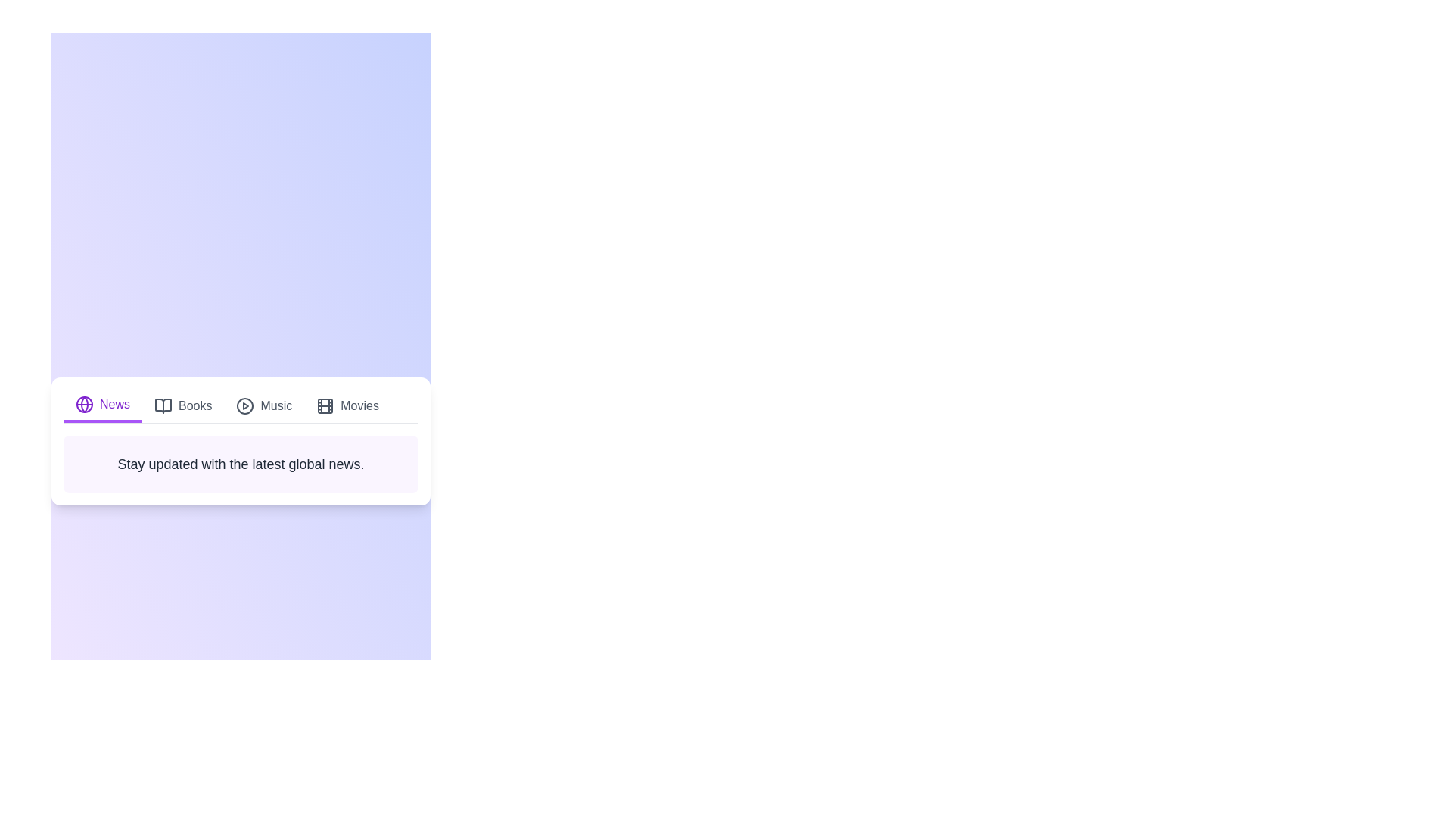  Describe the element at coordinates (347, 405) in the screenshot. I see `the Movies tab to view its content` at that location.